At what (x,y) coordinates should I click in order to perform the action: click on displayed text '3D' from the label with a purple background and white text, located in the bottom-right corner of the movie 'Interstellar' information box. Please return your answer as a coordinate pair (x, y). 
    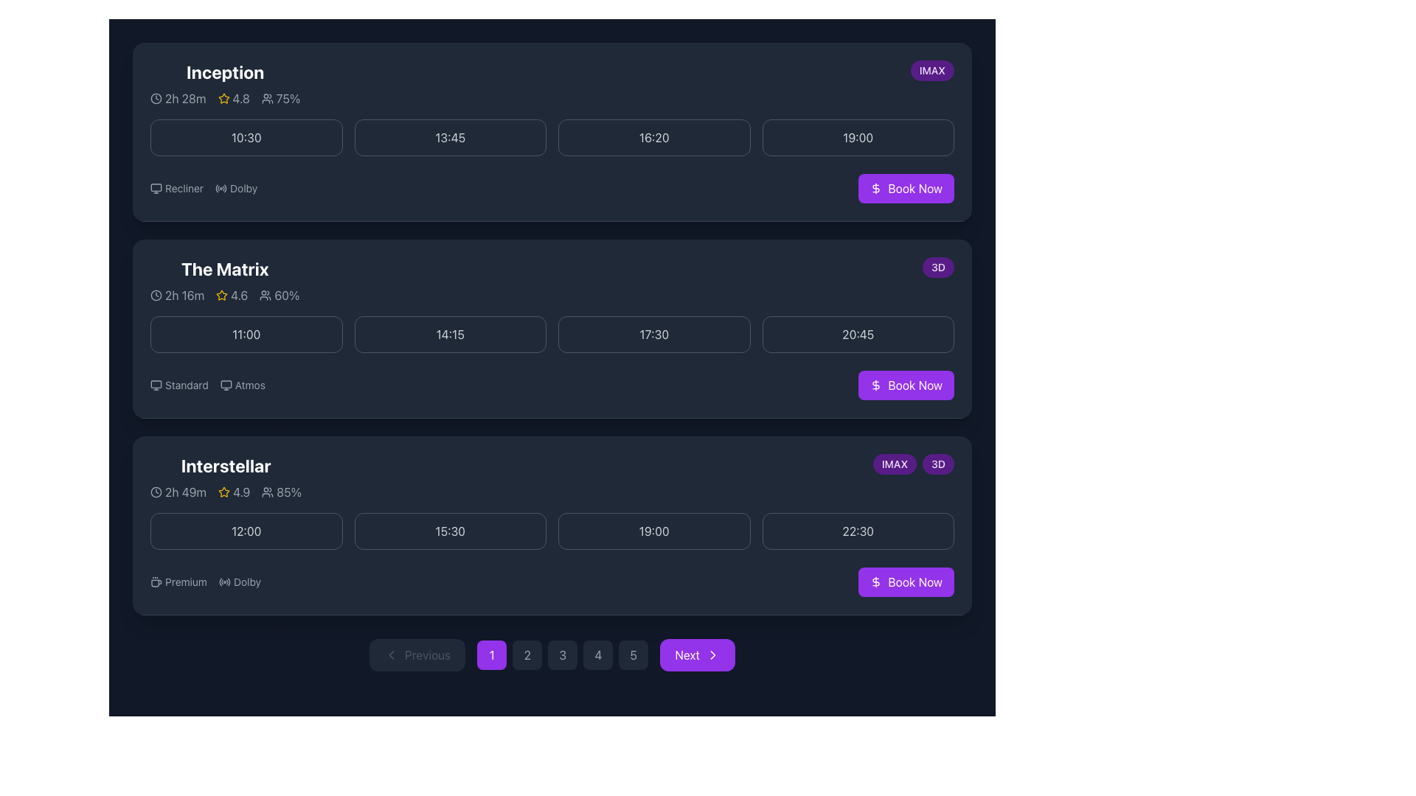
    Looking at the image, I should click on (937, 463).